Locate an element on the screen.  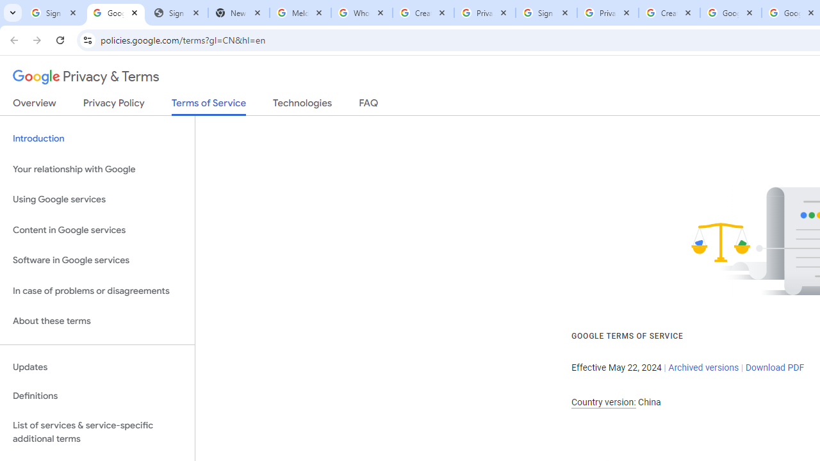
'Your relationship with Google' is located at coordinates (97, 168).